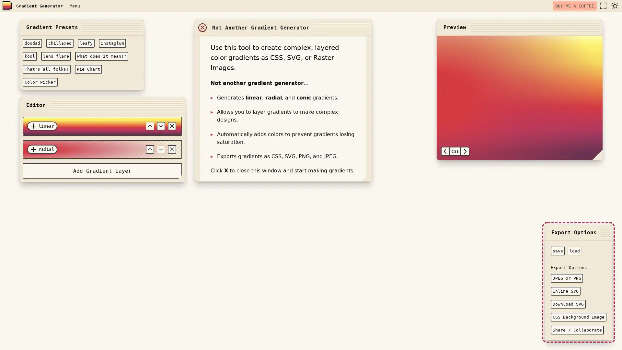  I want to click on load, so click(574, 251).